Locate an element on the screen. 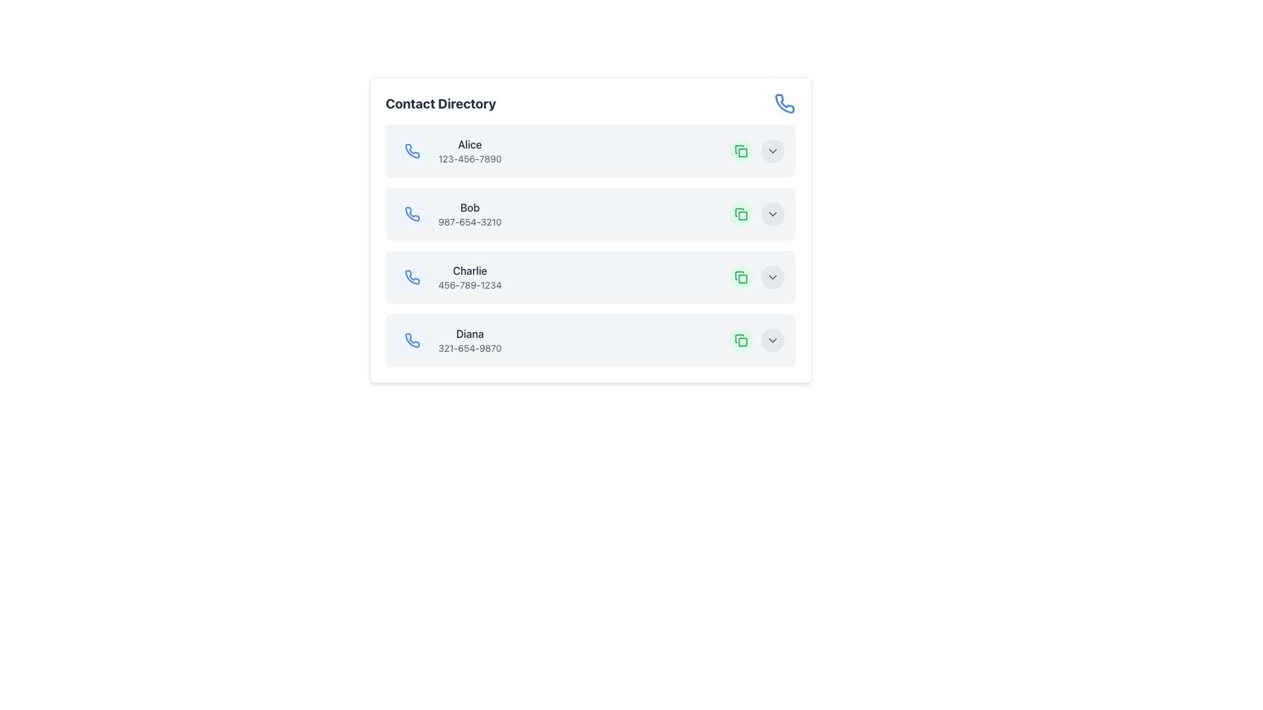 This screenshot has height=710, width=1263. the Vector Graphic Icon that signifies a copying or duplicating action, located centrally in the third row of the 'Charlie' list is located at coordinates (739, 275).